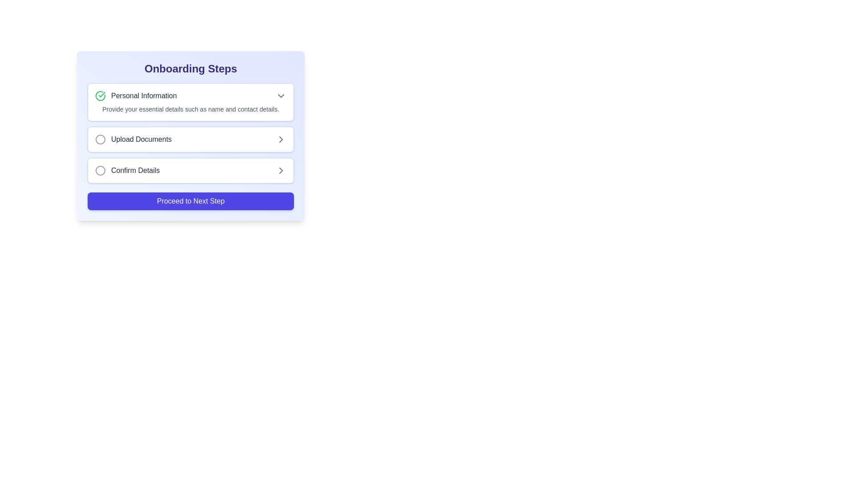 The image size is (854, 480). Describe the element at coordinates (281, 171) in the screenshot. I see `the right-facing chevron icon, which is styled in gray and located at the far right of the 'Confirm Details' row, following the text 'Confirm Details'` at that location.